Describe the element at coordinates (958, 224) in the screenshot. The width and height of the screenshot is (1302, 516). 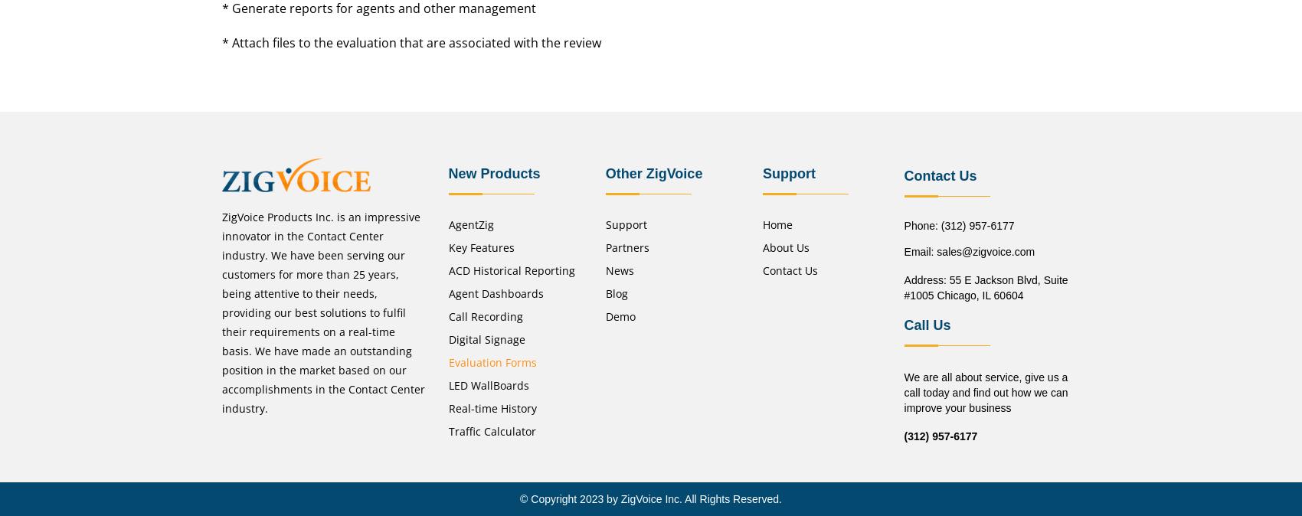
I see `'Phone: (312) 957-6177'` at that location.